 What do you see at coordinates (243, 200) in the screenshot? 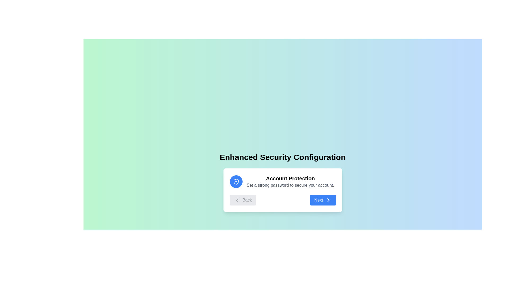
I see `'Back' button to navigate to the previous step` at bounding box center [243, 200].